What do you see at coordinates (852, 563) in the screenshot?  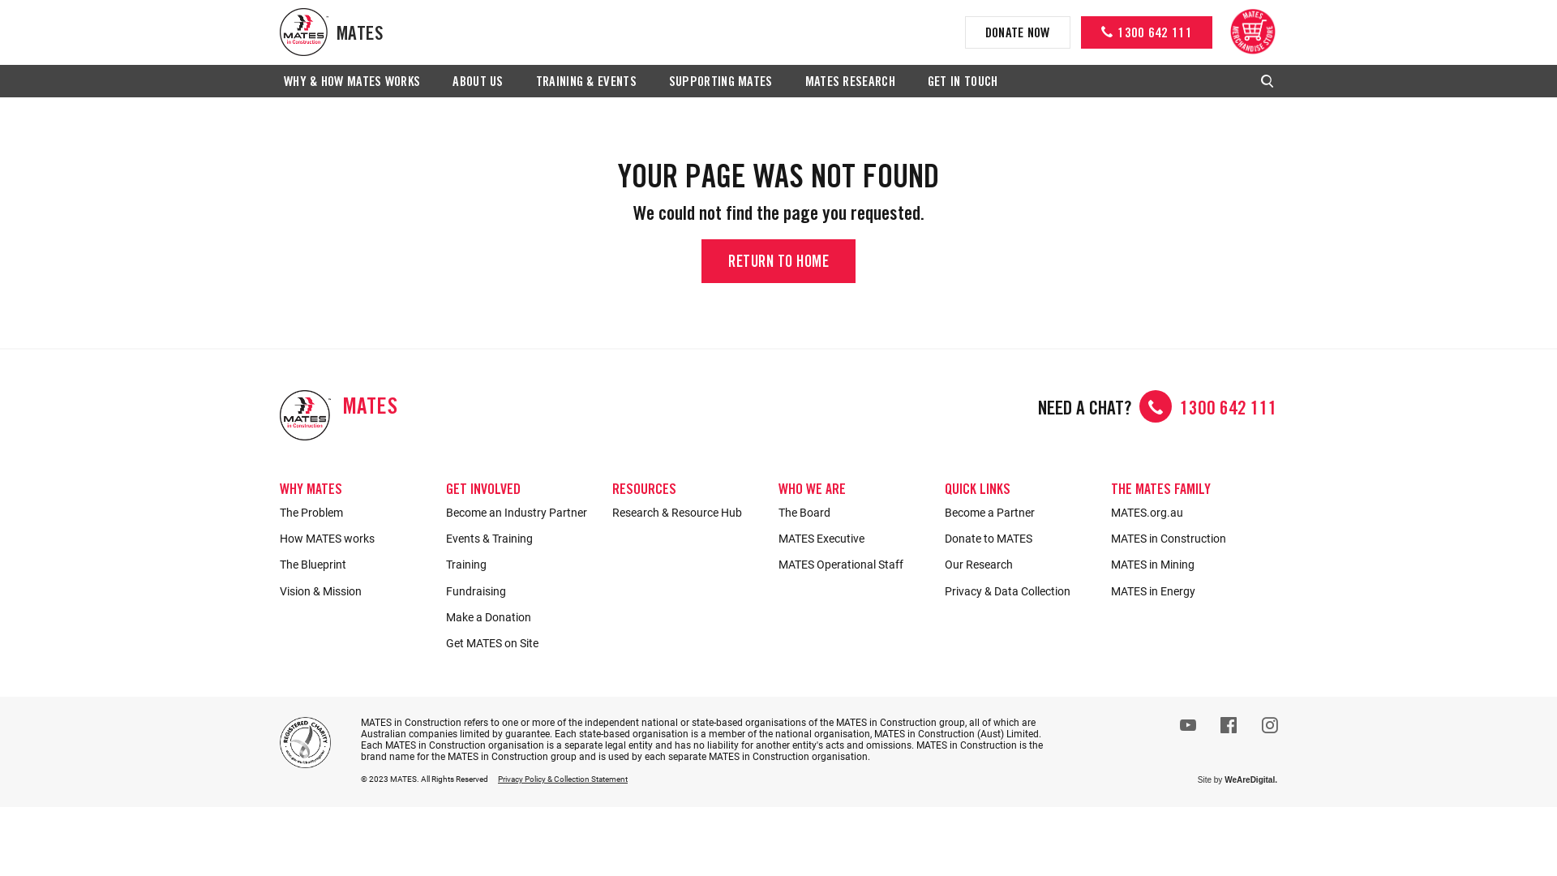 I see `'MATES Operational Staff'` at bounding box center [852, 563].